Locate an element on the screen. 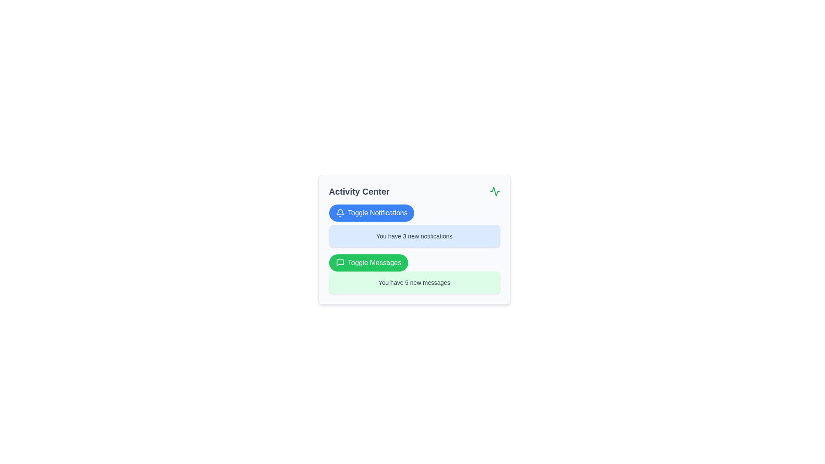  the green stroke icon resembling an activity graph located in the top right corner of the Activity Center card is located at coordinates (495, 191).